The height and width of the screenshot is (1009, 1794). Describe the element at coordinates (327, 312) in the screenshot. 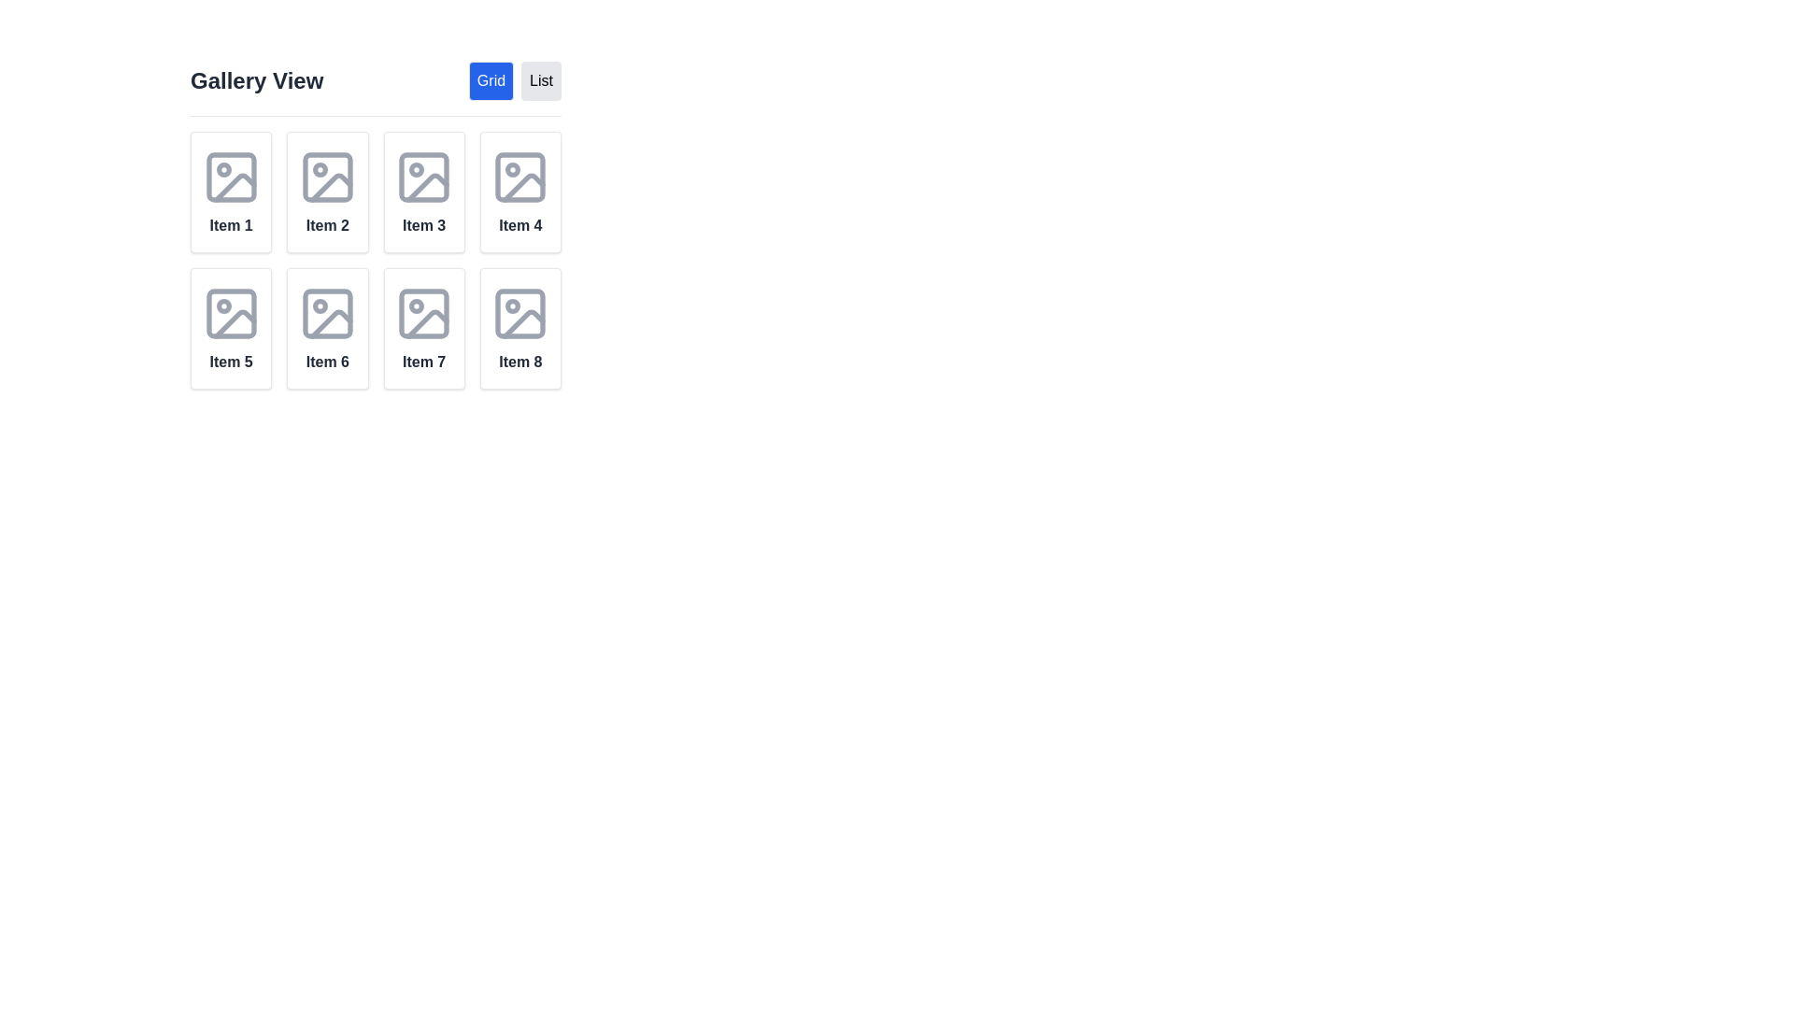

I see `the decorative SVG rectangle that represents the picture frame for Item 6, located in the sixth icon of a 2x4 grid layout` at that location.